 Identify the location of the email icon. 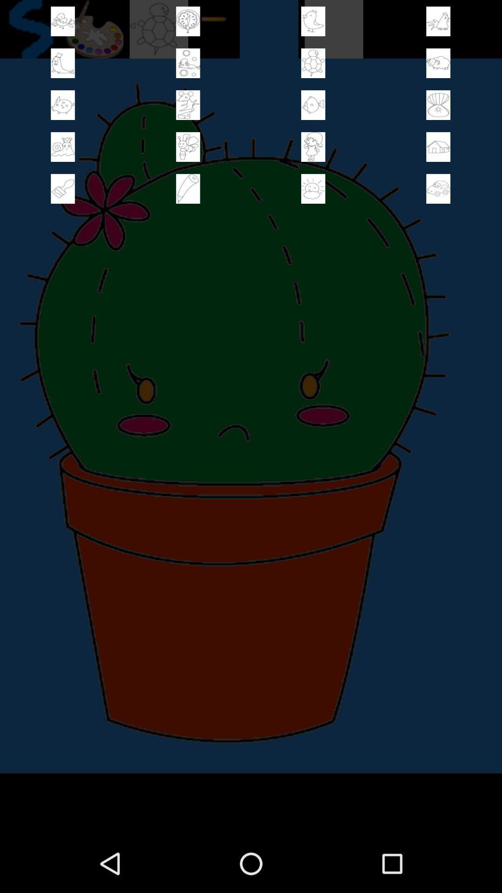
(438, 112).